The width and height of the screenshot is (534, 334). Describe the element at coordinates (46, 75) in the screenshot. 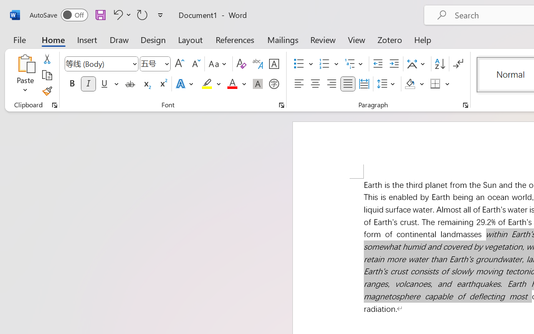

I see `'Copy'` at that location.